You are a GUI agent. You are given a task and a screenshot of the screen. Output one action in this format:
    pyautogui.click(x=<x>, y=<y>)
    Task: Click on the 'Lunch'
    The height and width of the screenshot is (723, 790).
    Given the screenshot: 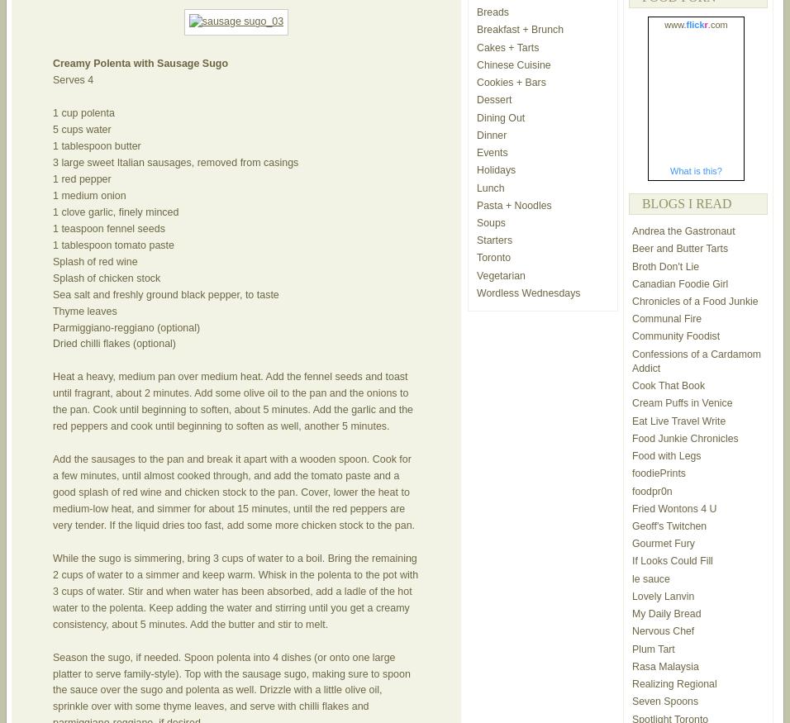 What is the action you would take?
    pyautogui.click(x=489, y=187)
    